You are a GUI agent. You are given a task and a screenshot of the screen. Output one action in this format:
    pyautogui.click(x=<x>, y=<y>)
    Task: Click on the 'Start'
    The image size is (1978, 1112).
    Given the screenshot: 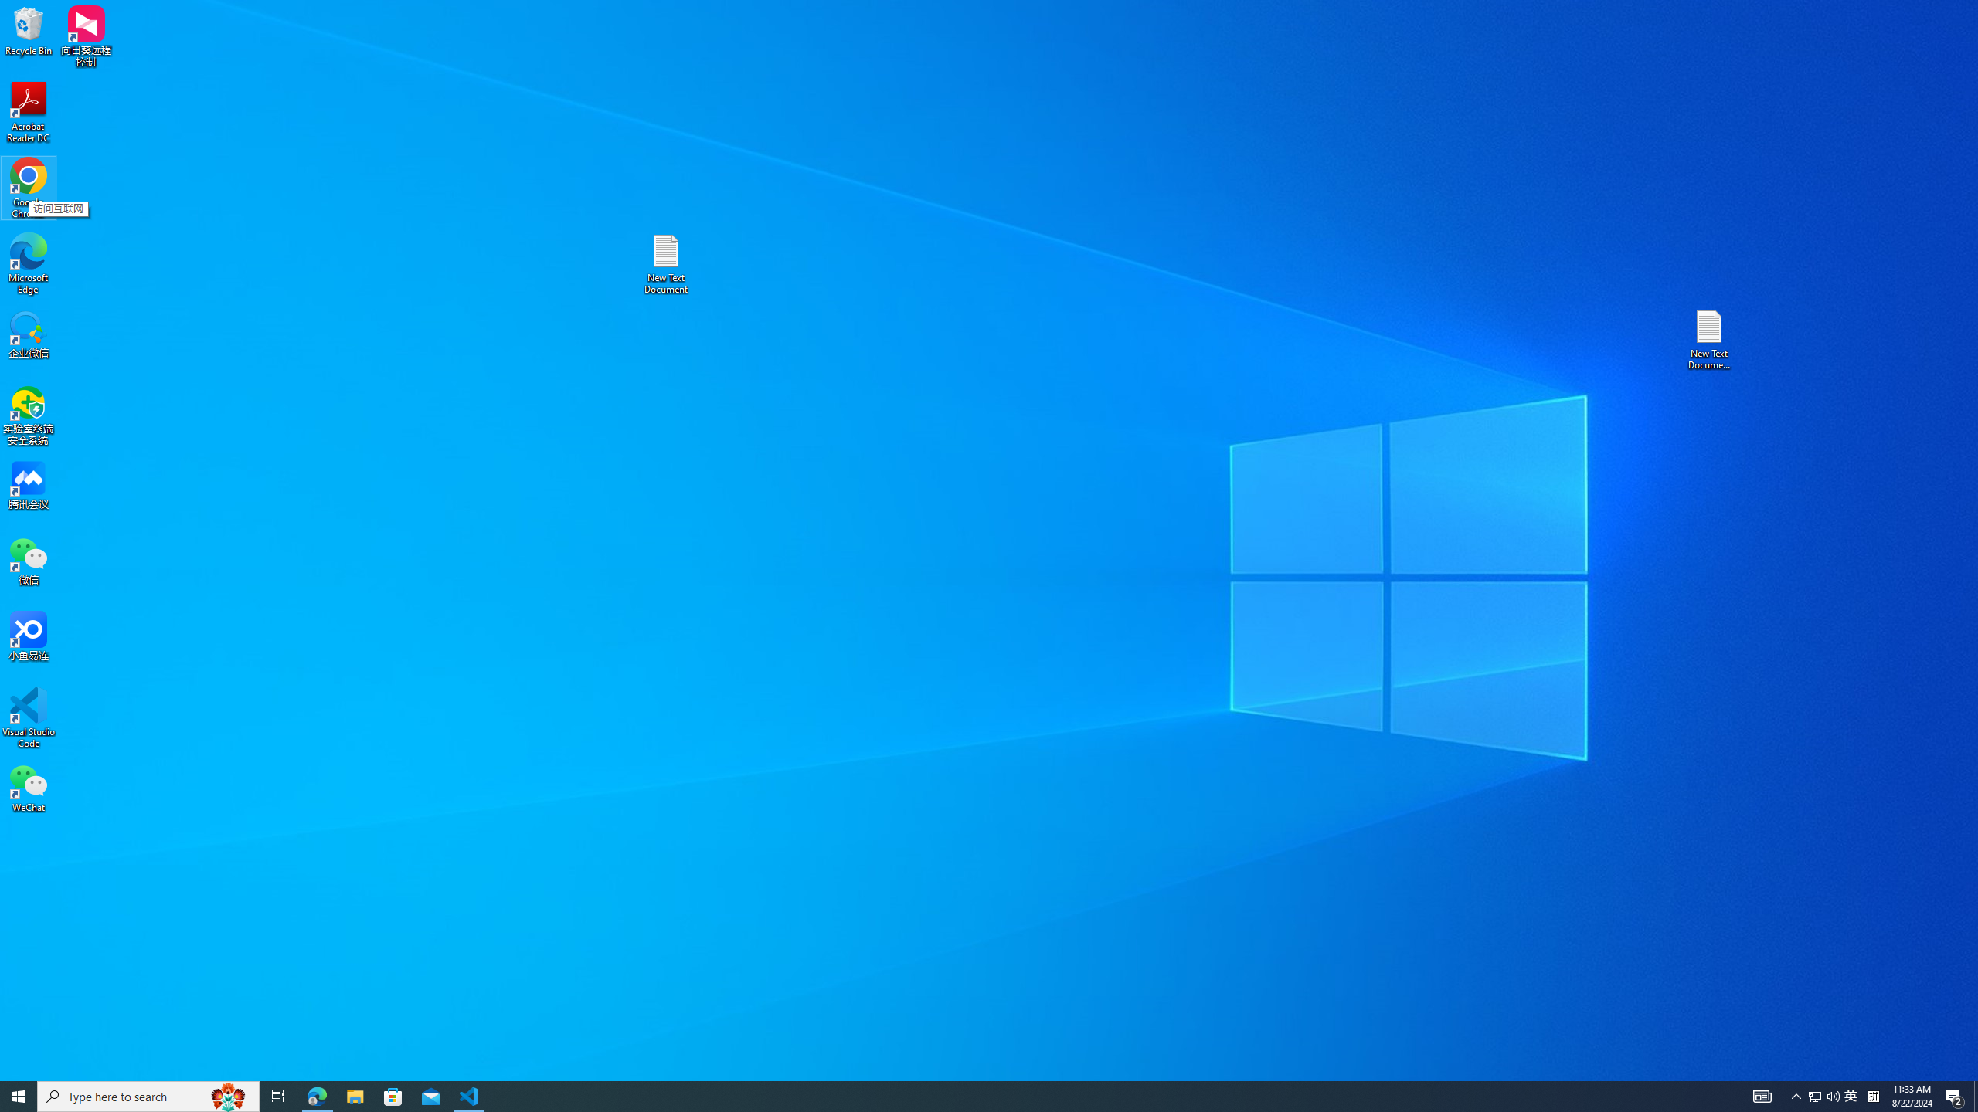 What is the action you would take?
    pyautogui.click(x=19, y=1095)
    